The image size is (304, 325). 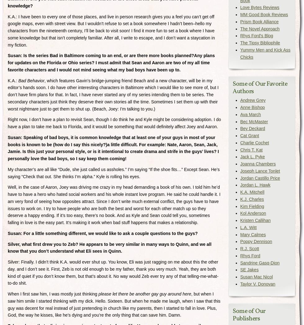 I want to click on 'Yummy Men and Kick Ass Chicks', so click(x=265, y=53).